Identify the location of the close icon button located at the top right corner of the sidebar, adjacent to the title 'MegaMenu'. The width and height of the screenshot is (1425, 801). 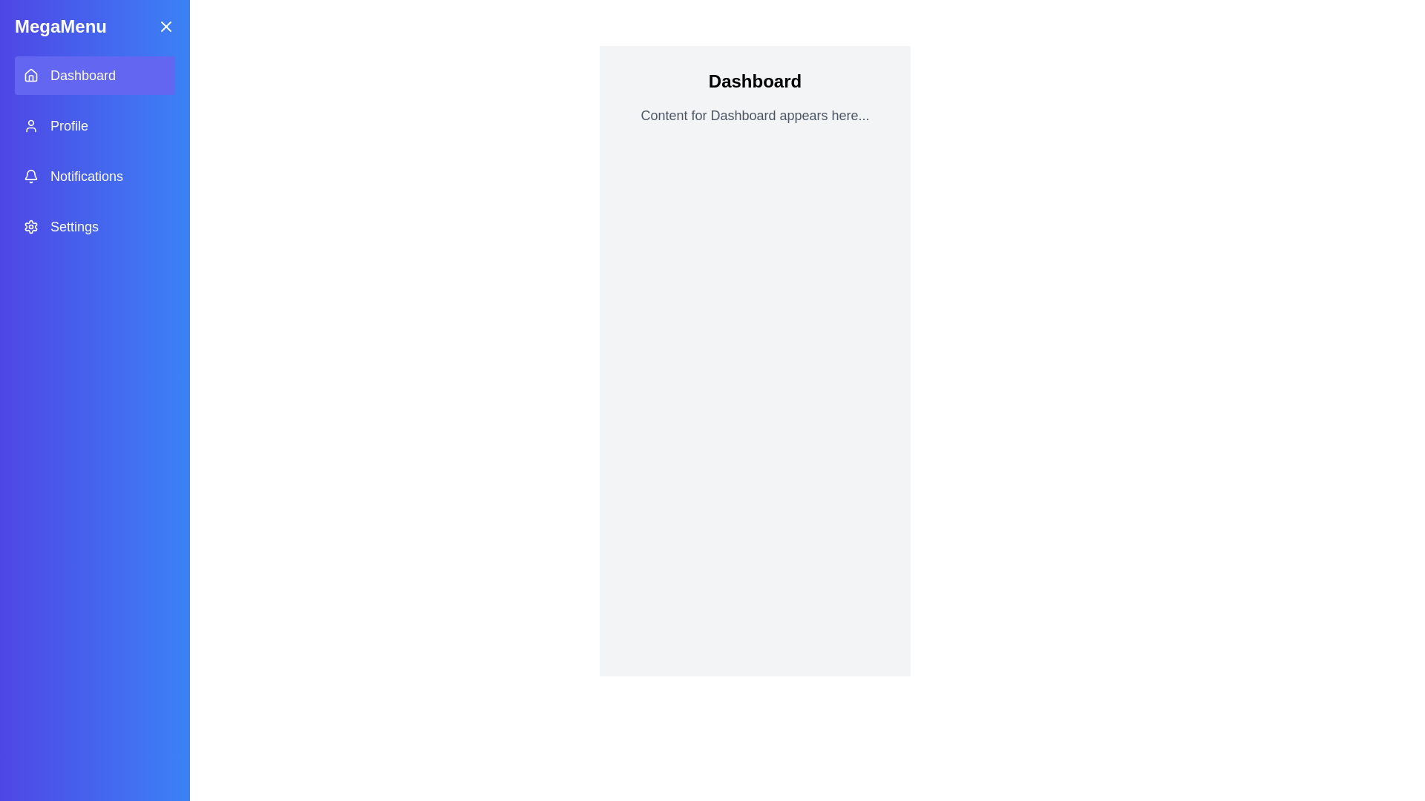
(166, 26).